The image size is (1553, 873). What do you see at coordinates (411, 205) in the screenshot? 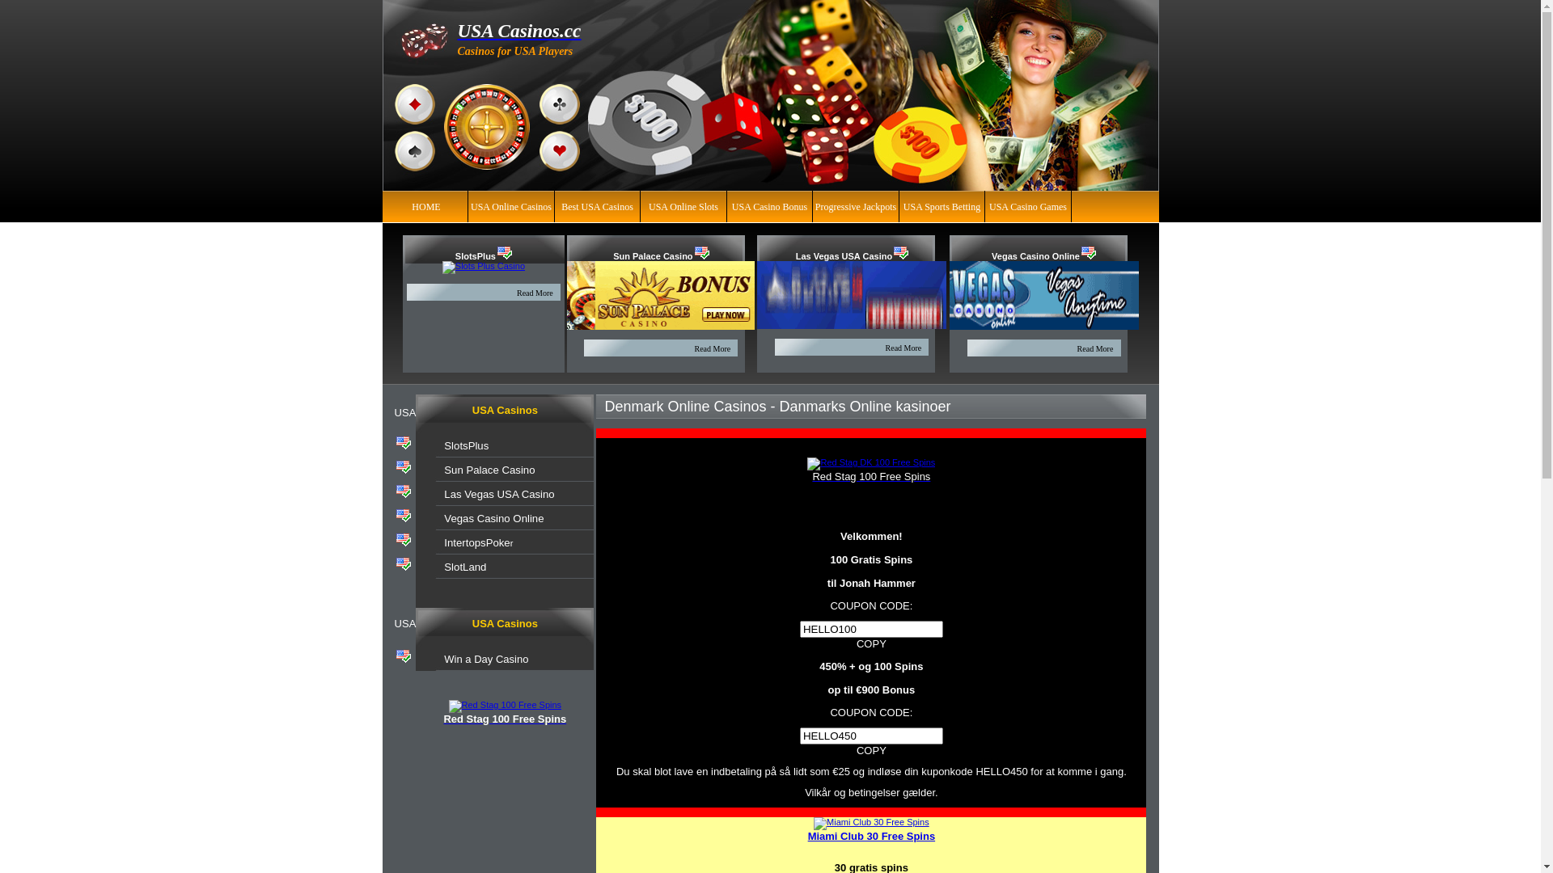
I see `'HOME'` at bounding box center [411, 205].